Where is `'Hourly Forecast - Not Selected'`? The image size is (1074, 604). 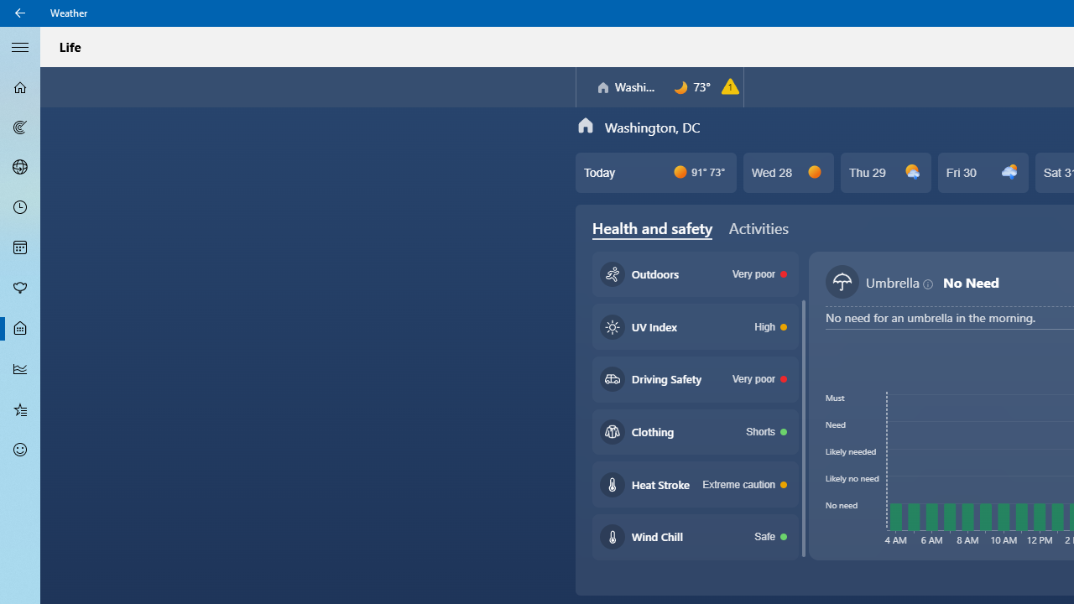 'Hourly Forecast - Not Selected' is located at coordinates (20, 207).